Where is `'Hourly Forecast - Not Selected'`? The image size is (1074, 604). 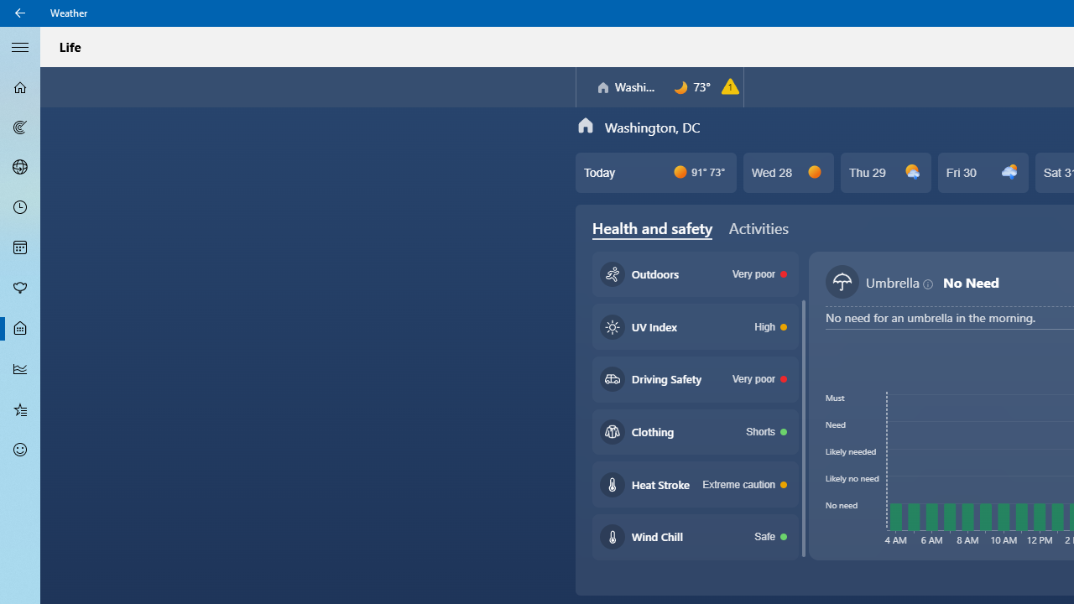 'Hourly Forecast - Not Selected' is located at coordinates (20, 207).